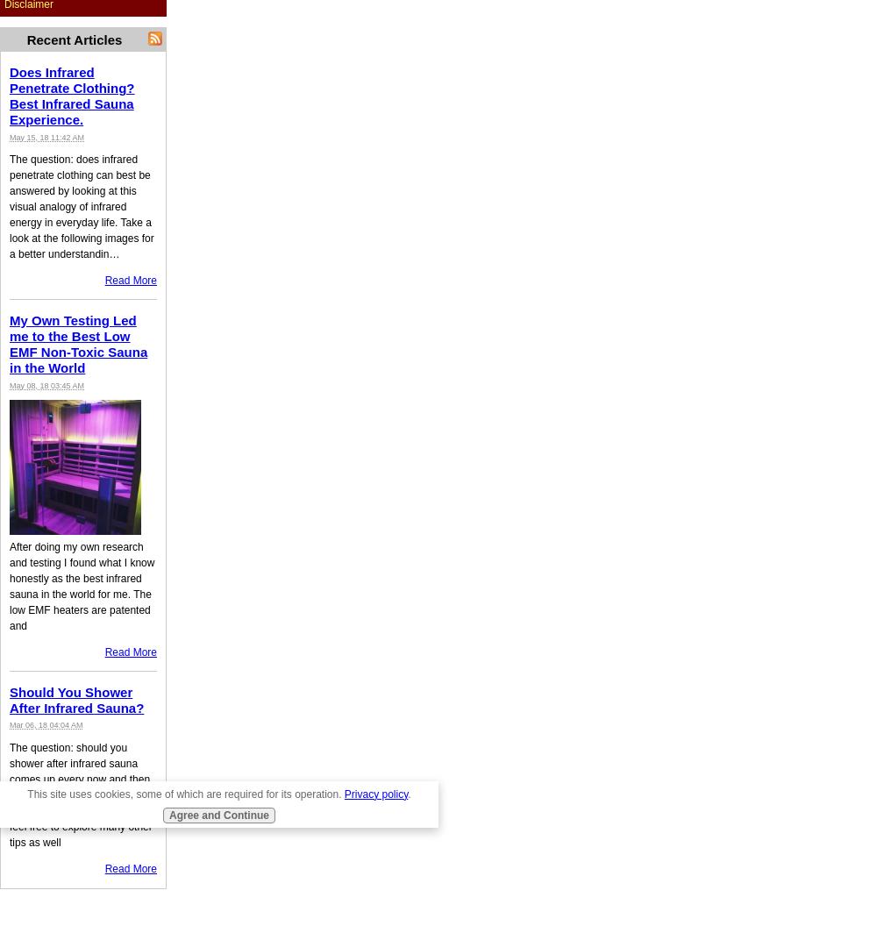 This screenshot has height=926, width=877. I want to click on 'Should You Shower After Infrared Sauna?', so click(75, 699).